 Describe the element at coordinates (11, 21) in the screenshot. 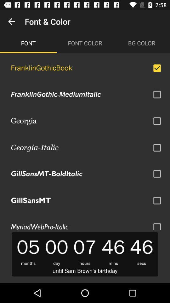

I see `the icon to the left of the font & color` at that location.